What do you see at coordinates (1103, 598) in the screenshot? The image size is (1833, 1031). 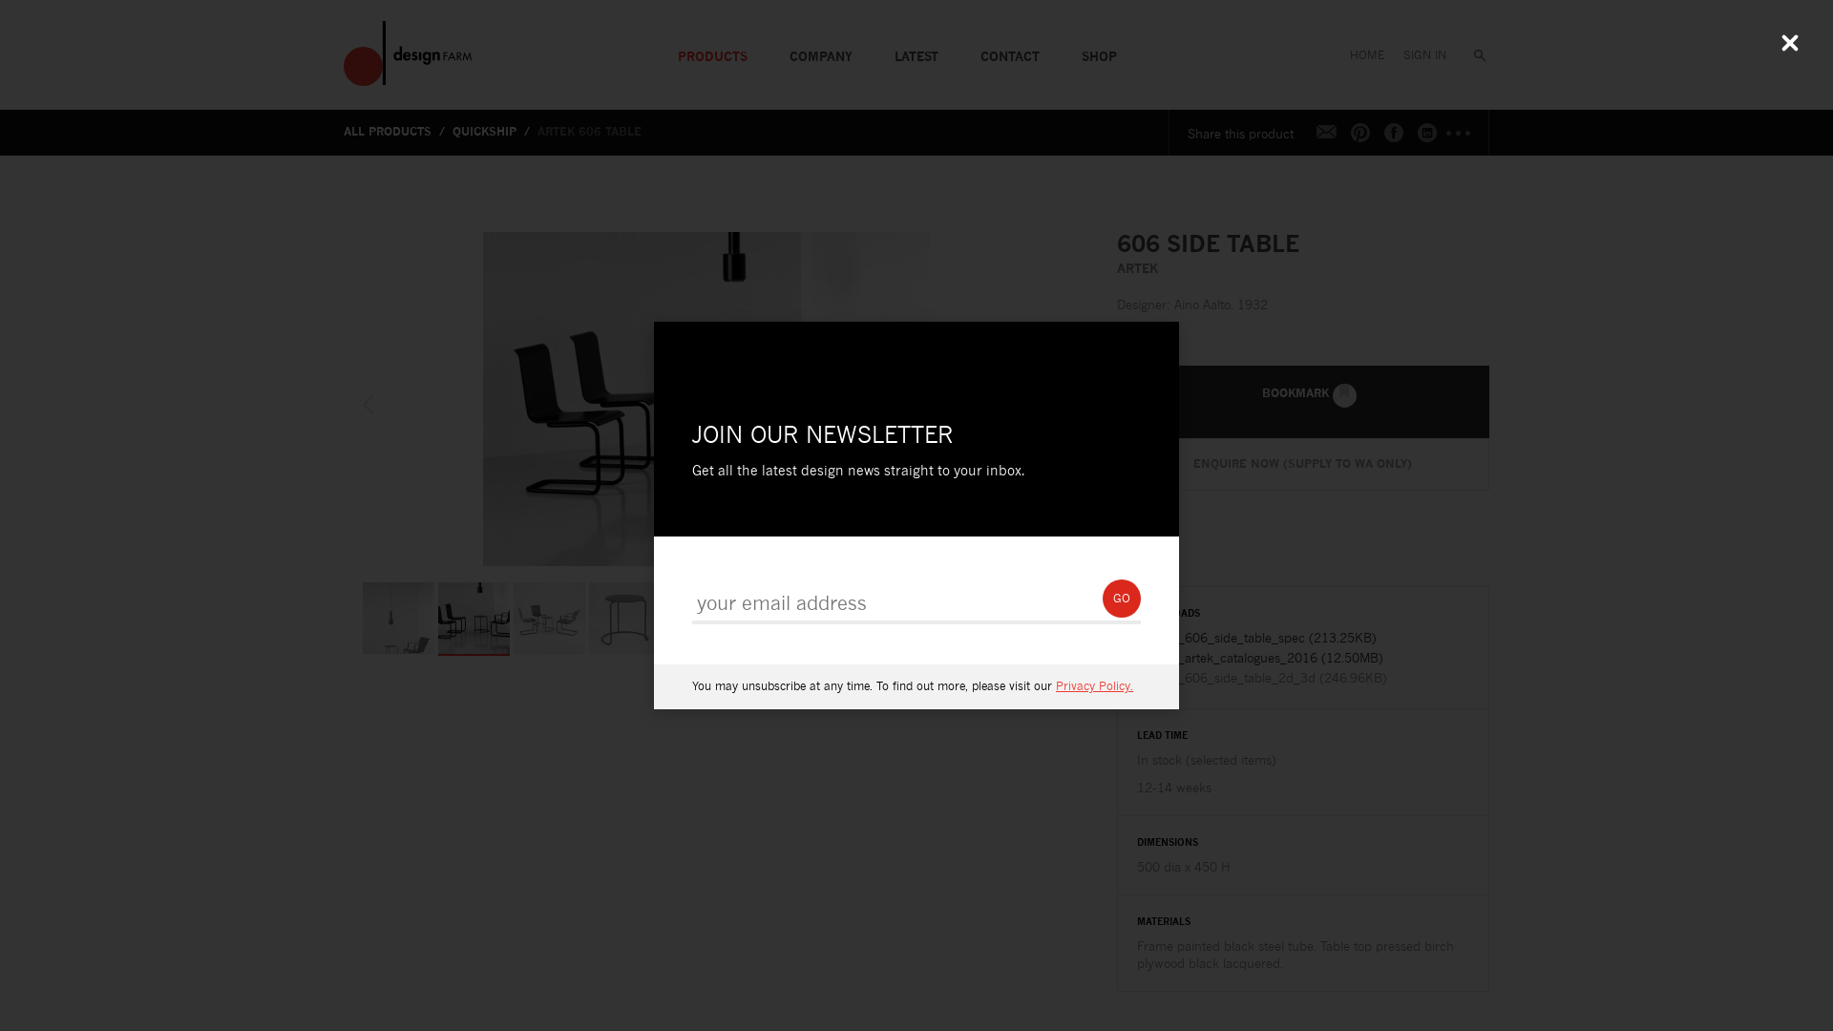 I see `'GO'` at bounding box center [1103, 598].